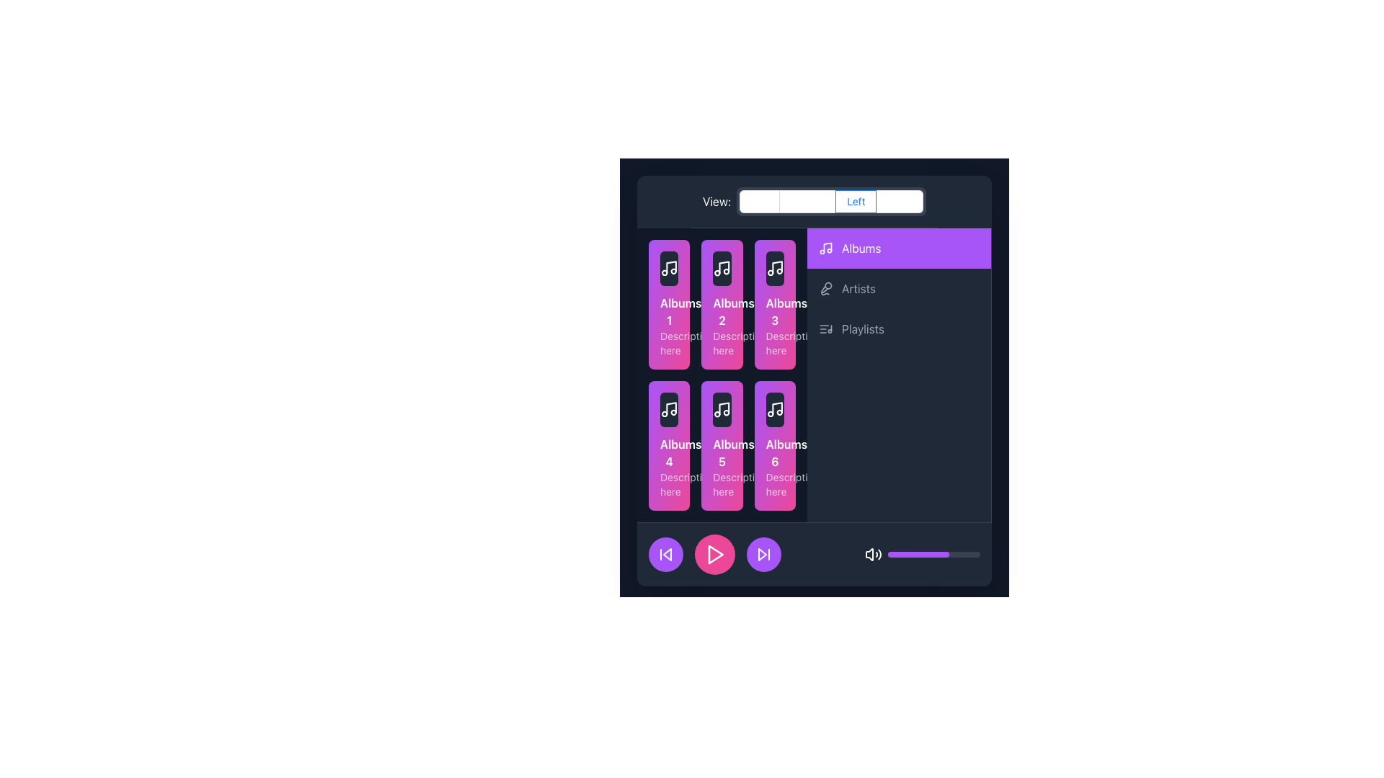  What do you see at coordinates (716, 554) in the screenshot?
I see `the play button icon located inside the circular button on the bottom control bar` at bounding box center [716, 554].